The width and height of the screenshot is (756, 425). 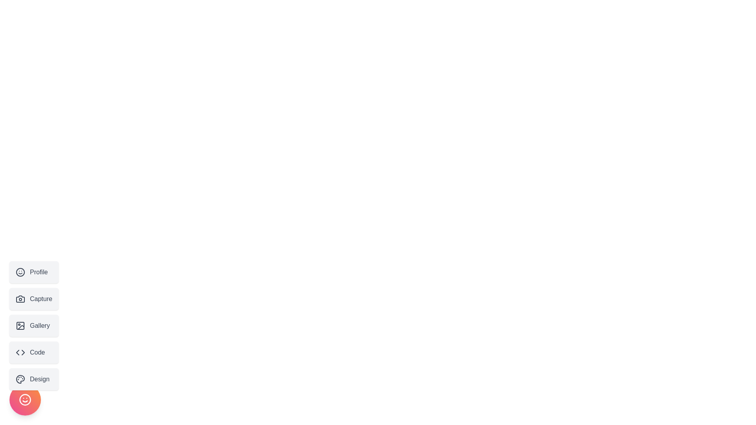 I want to click on the 'Profile' button represented by the icon located at the left side of the button in the vertical navigation menu to interact with the profile feature, so click(x=20, y=272).